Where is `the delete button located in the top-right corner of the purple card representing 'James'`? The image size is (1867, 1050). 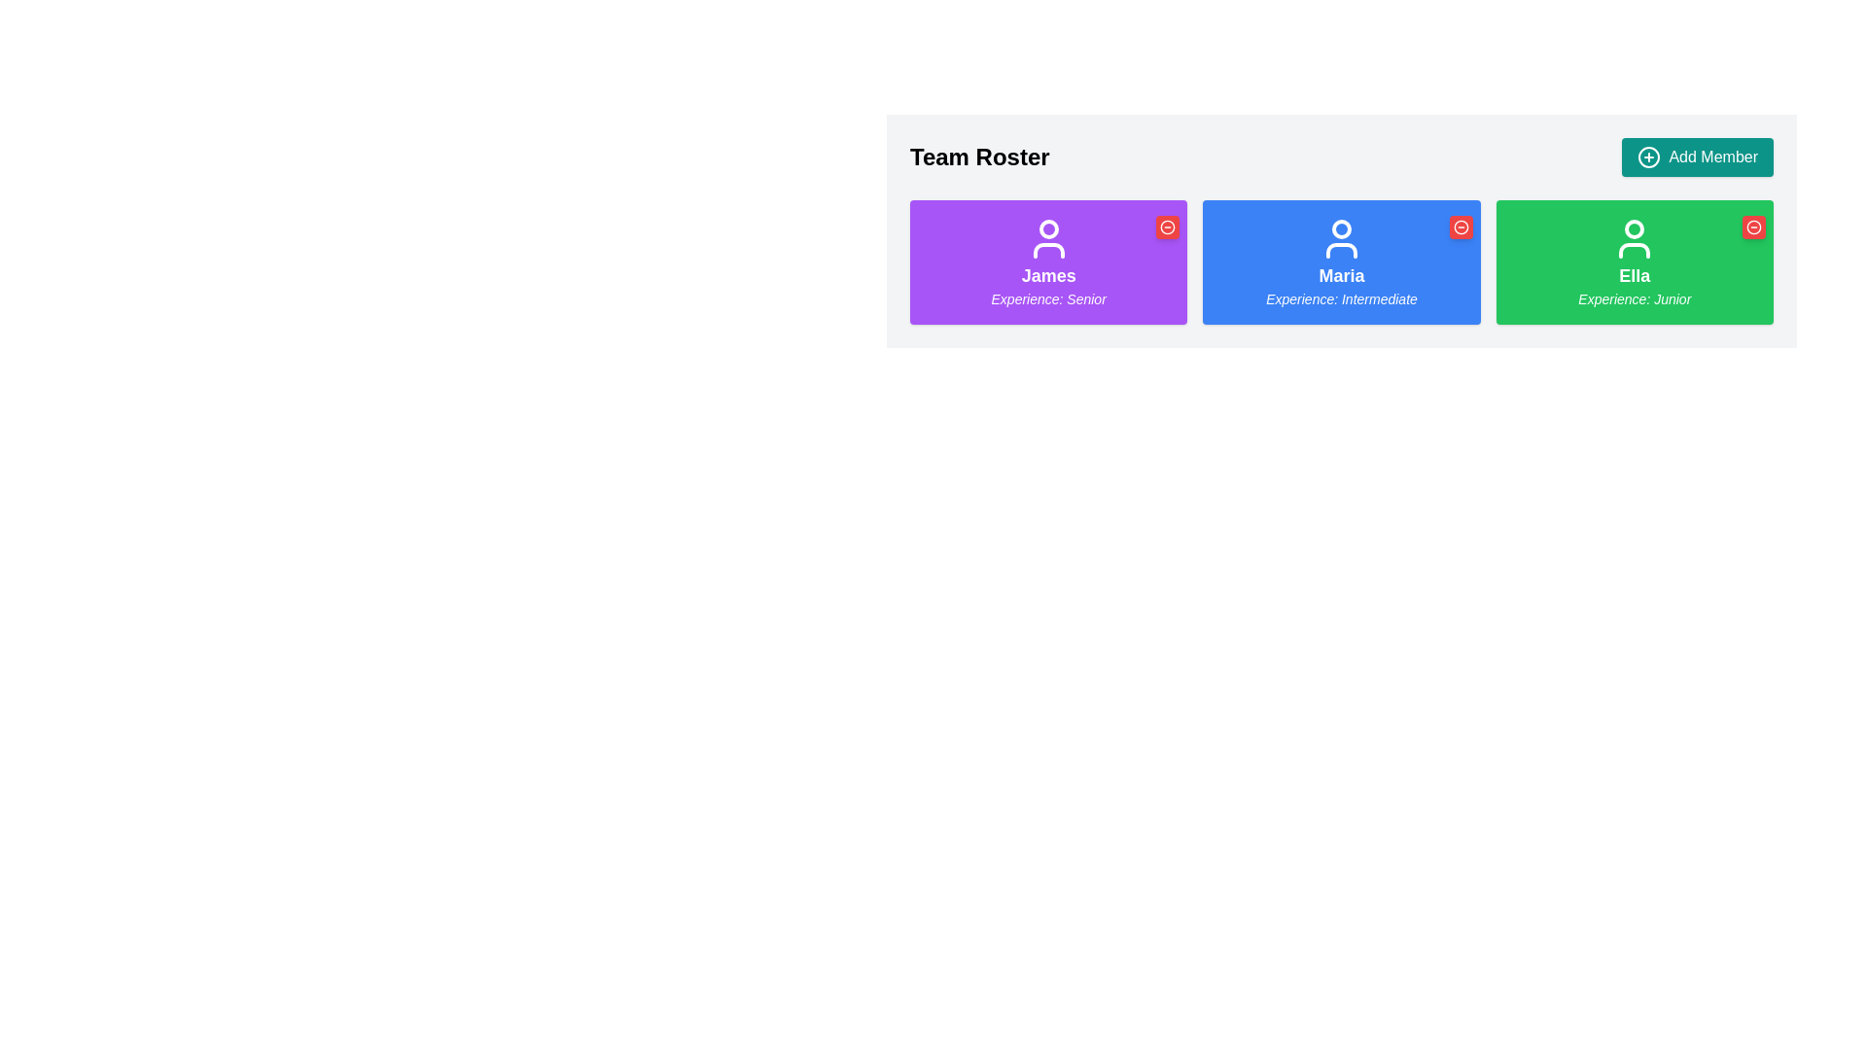 the delete button located in the top-right corner of the purple card representing 'James' is located at coordinates (1167, 227).